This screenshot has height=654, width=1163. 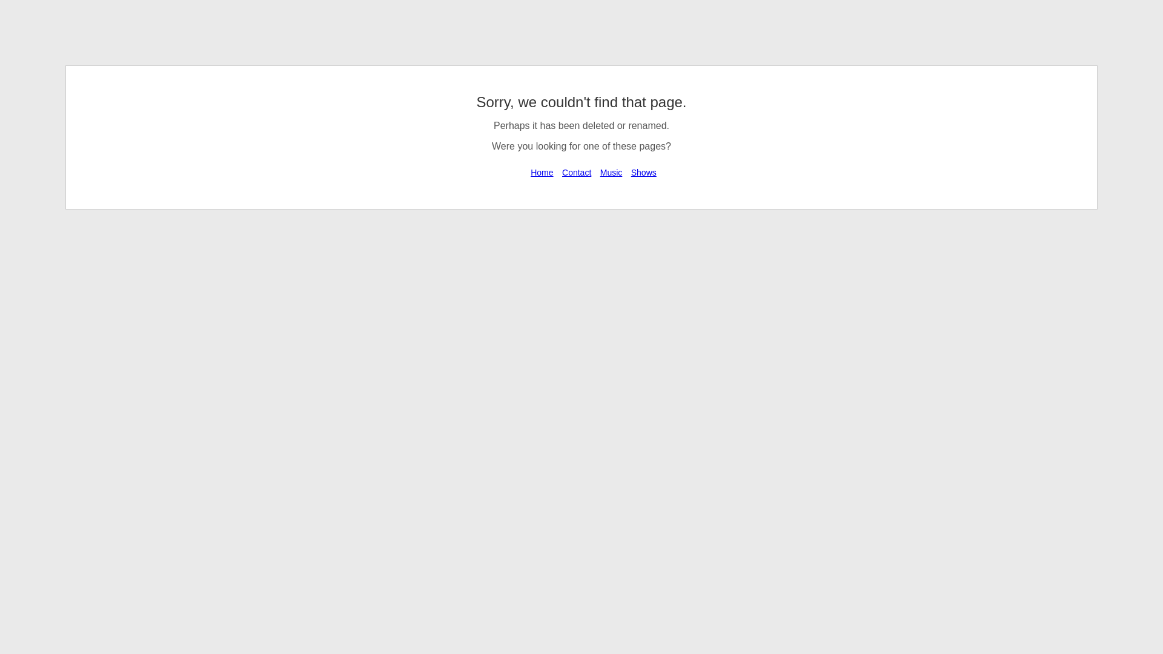 I want to click on 'Music', so click(x=611, y=173).